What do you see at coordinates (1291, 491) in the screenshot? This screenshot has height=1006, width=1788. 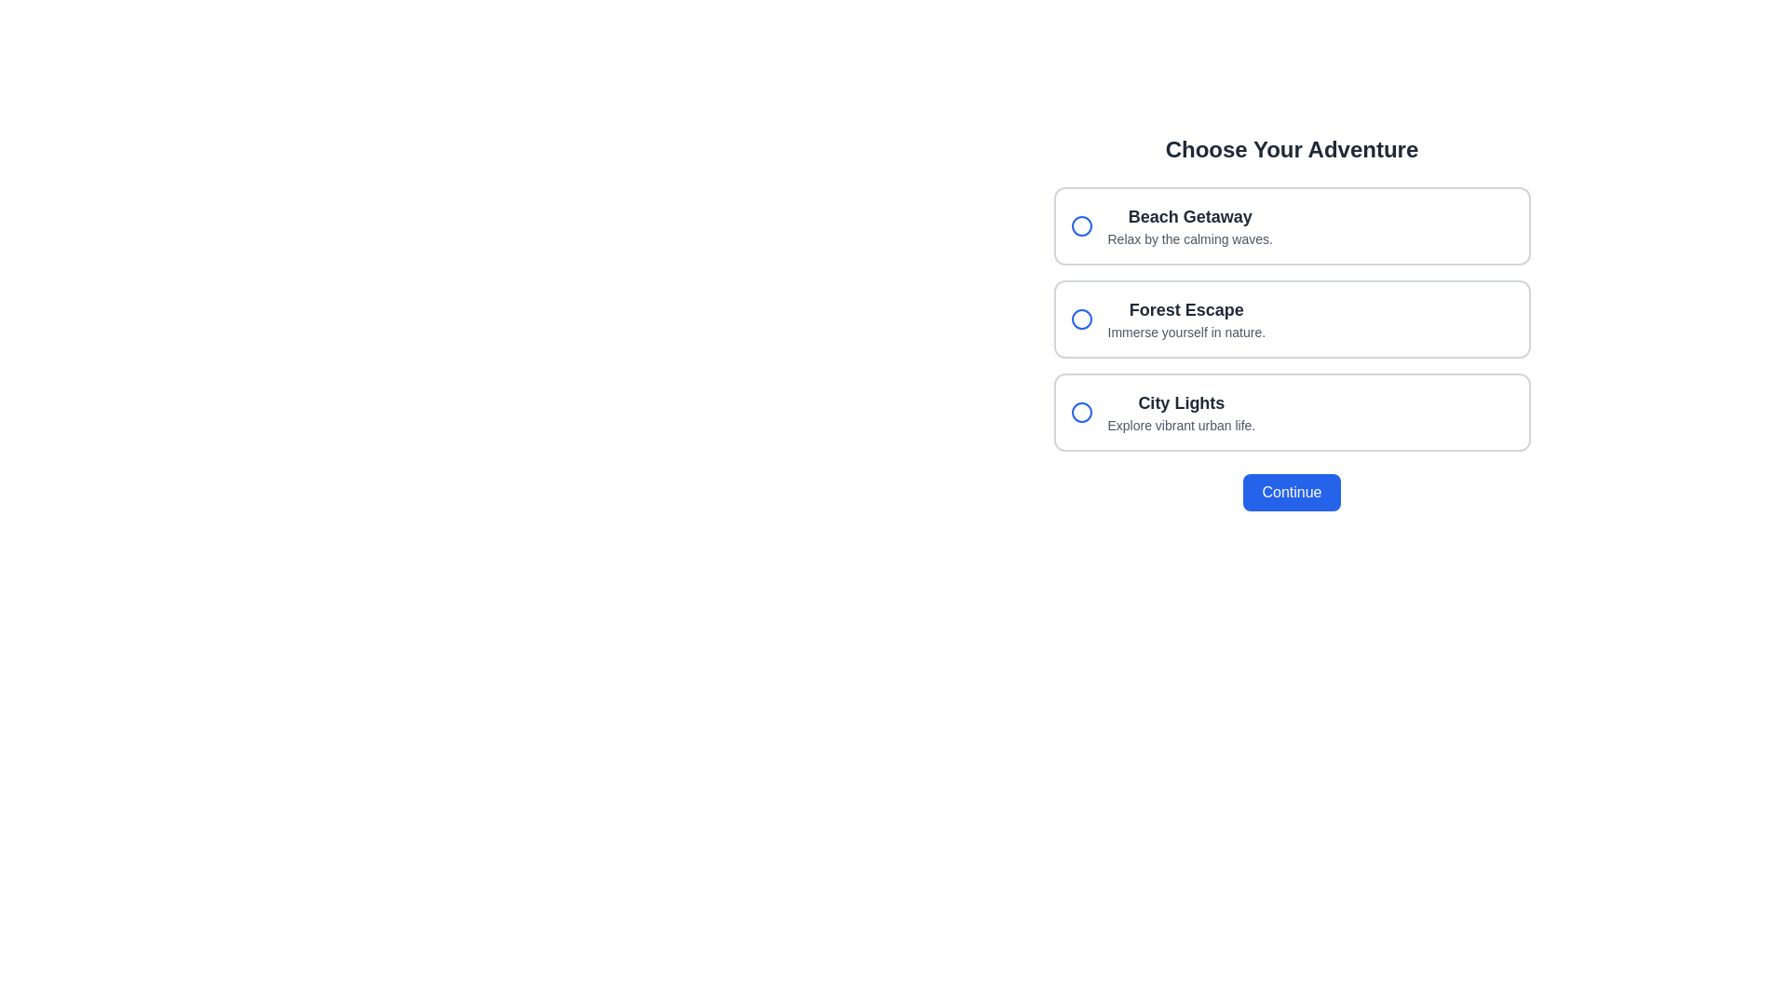 I see `the 'Continue' button with a blue background and rounded edges, located below the options 'Beach Getaway', 'Forest Escape', and 'City Lights'` at bounding box center [1291, 491].